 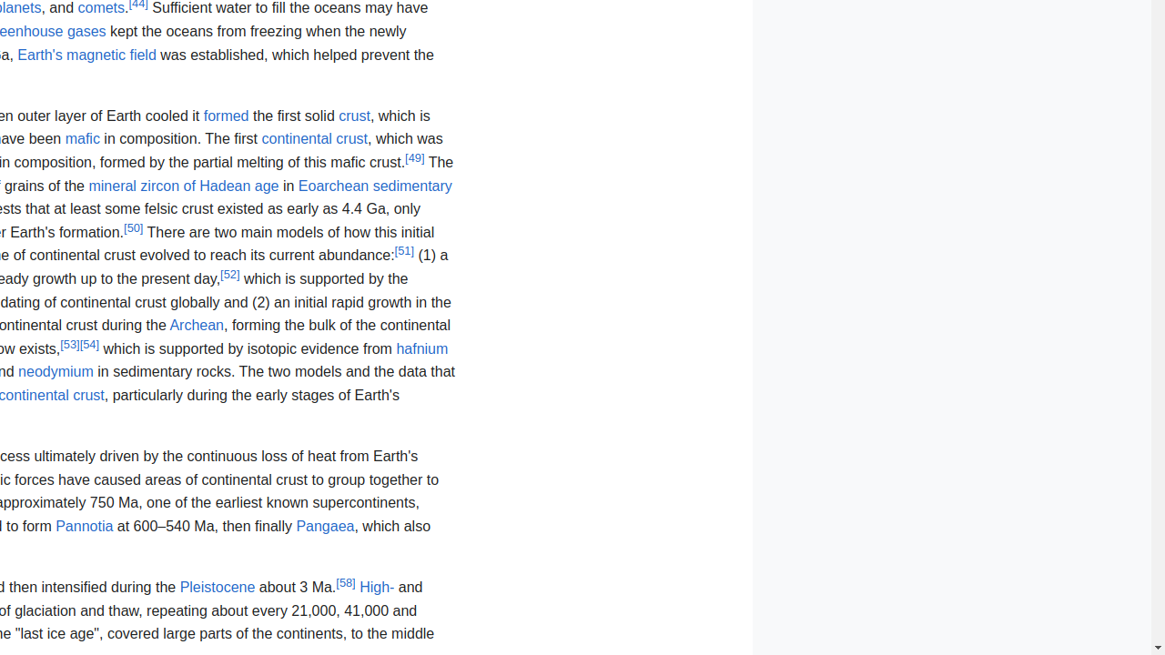 What do you see at coordinates (100, 8) in the screenshot?
I see `'comets'` at bounding box center [100, 8].